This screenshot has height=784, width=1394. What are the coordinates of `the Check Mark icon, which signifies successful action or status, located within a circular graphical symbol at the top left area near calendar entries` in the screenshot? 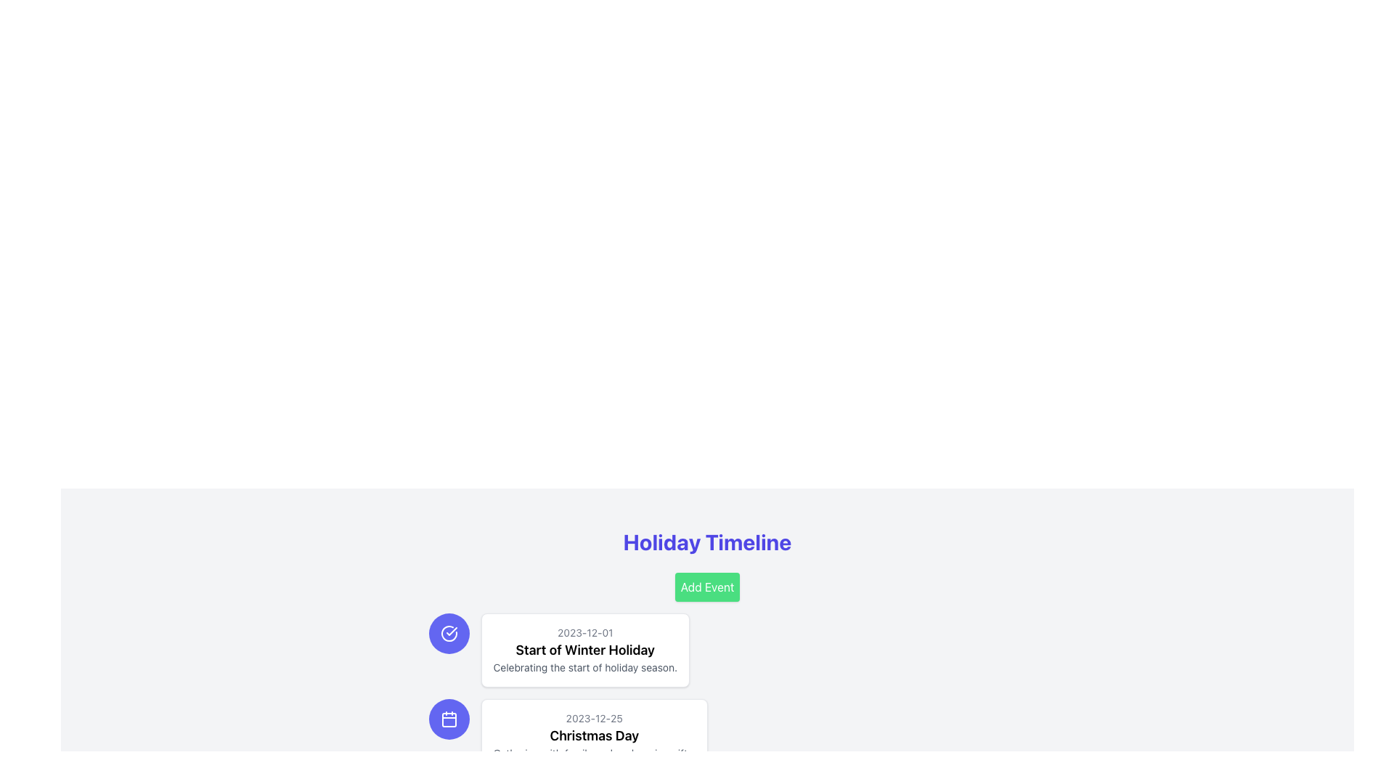 It's located at (451, 631).